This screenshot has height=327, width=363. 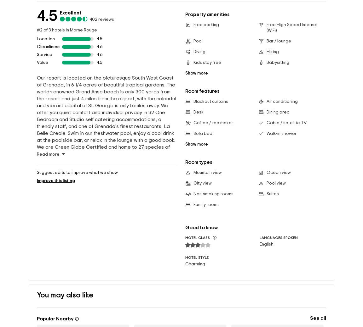 I want to click on 'Cleanliness', so click(x=49, y=46).